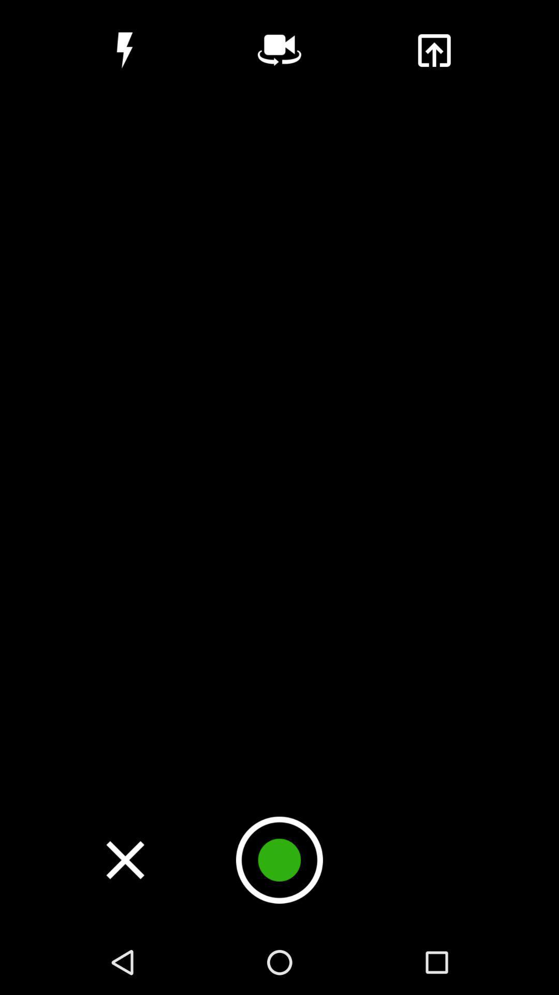 This screenshot has height=995, width=559. Describe the element at coordinates (434, 50) in the screenshot. I see `the item at the top right corner` at that location.